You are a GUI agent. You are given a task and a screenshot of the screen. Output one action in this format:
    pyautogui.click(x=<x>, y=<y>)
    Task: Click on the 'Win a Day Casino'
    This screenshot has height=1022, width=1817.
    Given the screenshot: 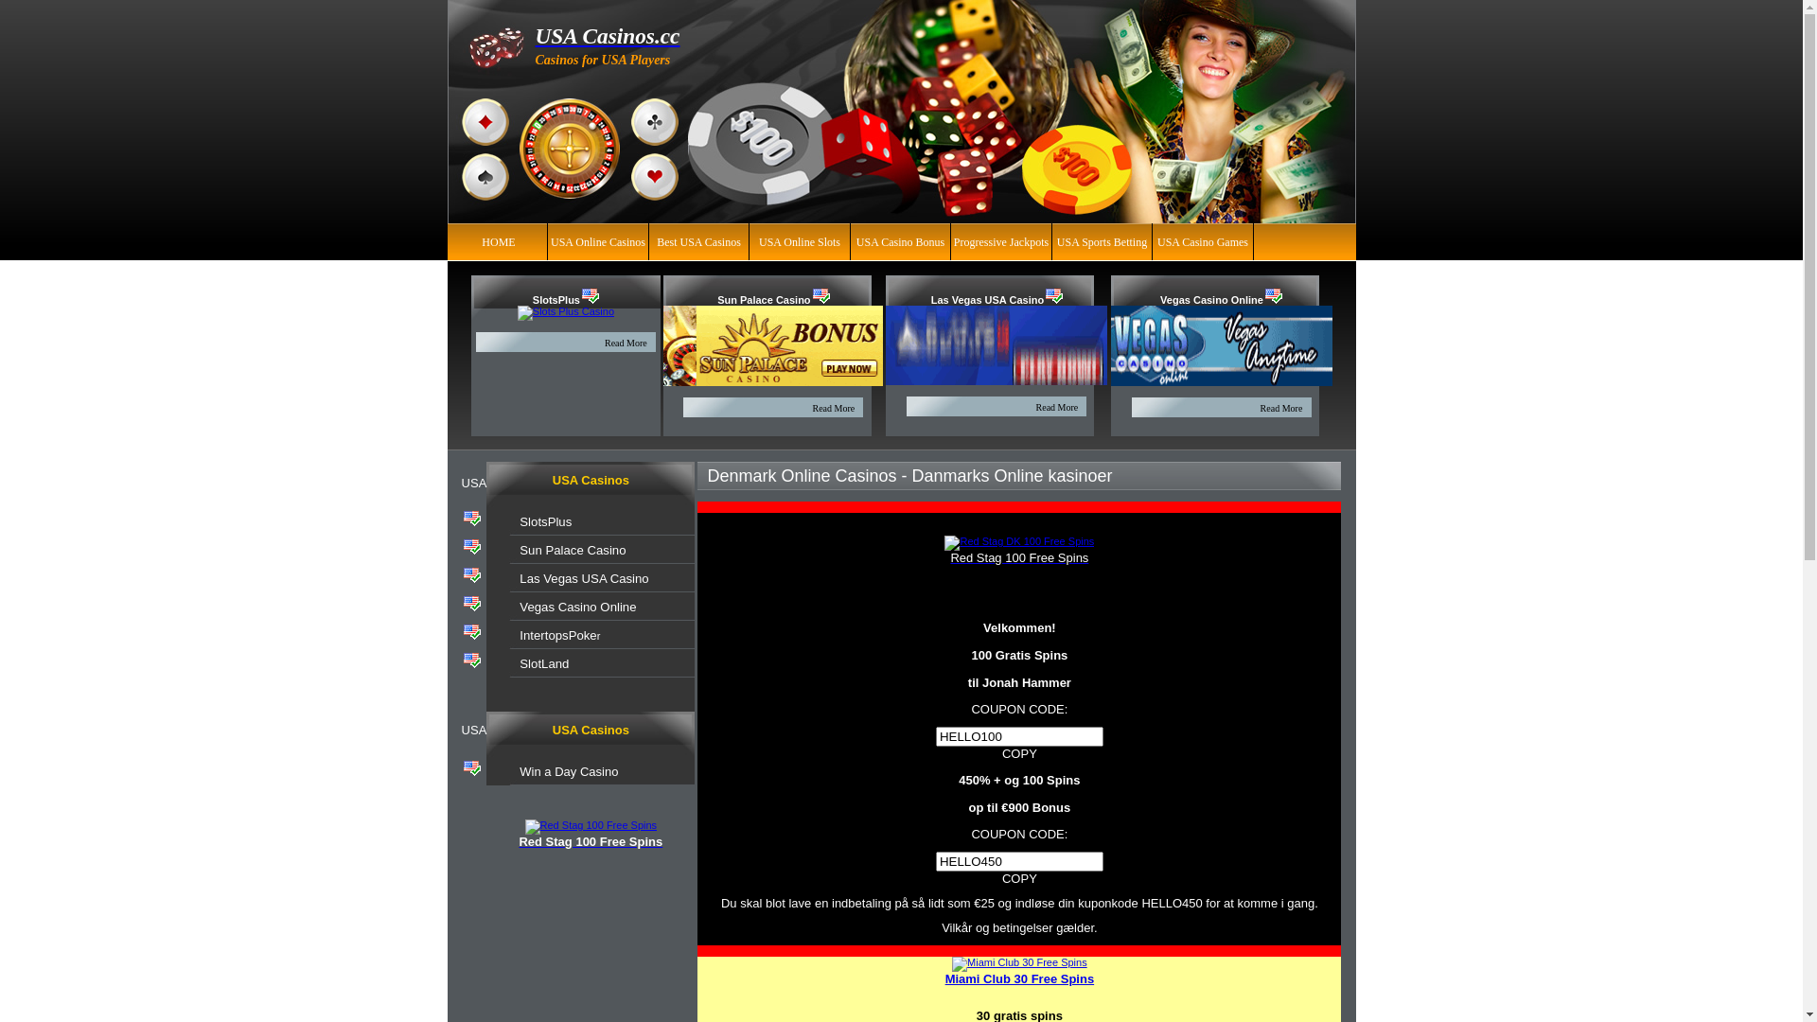 What is the action you would take?
    pyautogui.click(x=567, y=772)
    